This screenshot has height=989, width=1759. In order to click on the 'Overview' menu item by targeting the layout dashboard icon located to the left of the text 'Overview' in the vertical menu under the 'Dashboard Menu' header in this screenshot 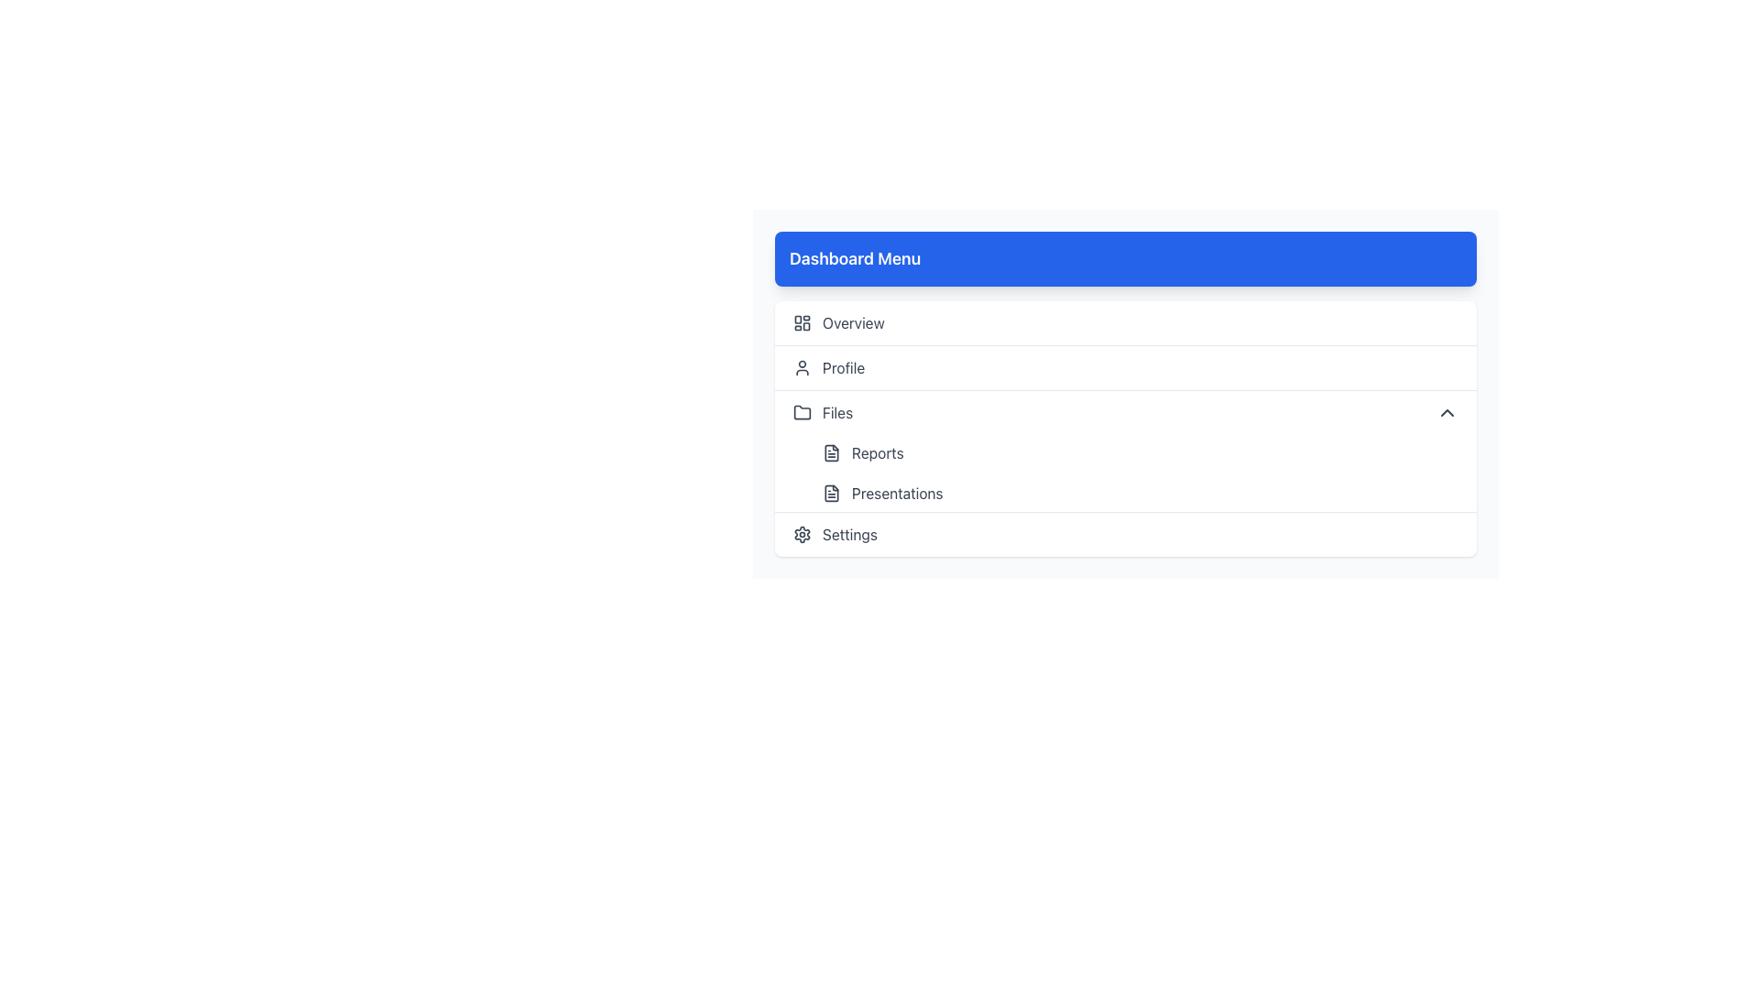, I will do `click(802, 322)`.